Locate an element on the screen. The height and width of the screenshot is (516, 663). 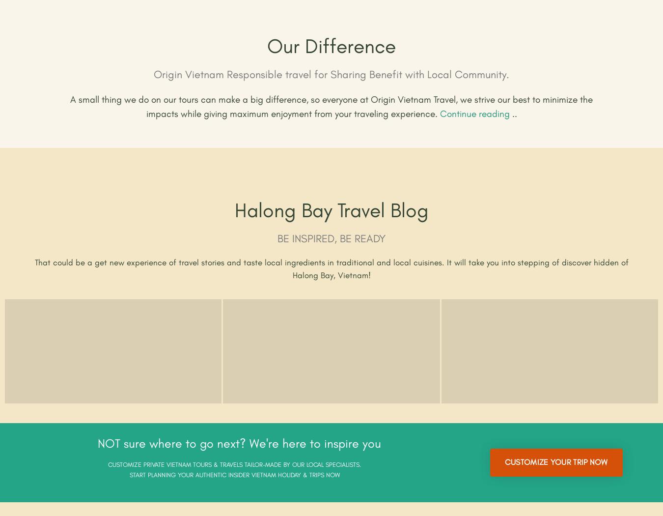
'Start planning your authentic insider Vietnam holiday & trips now' is located at coordinates (233, 474).